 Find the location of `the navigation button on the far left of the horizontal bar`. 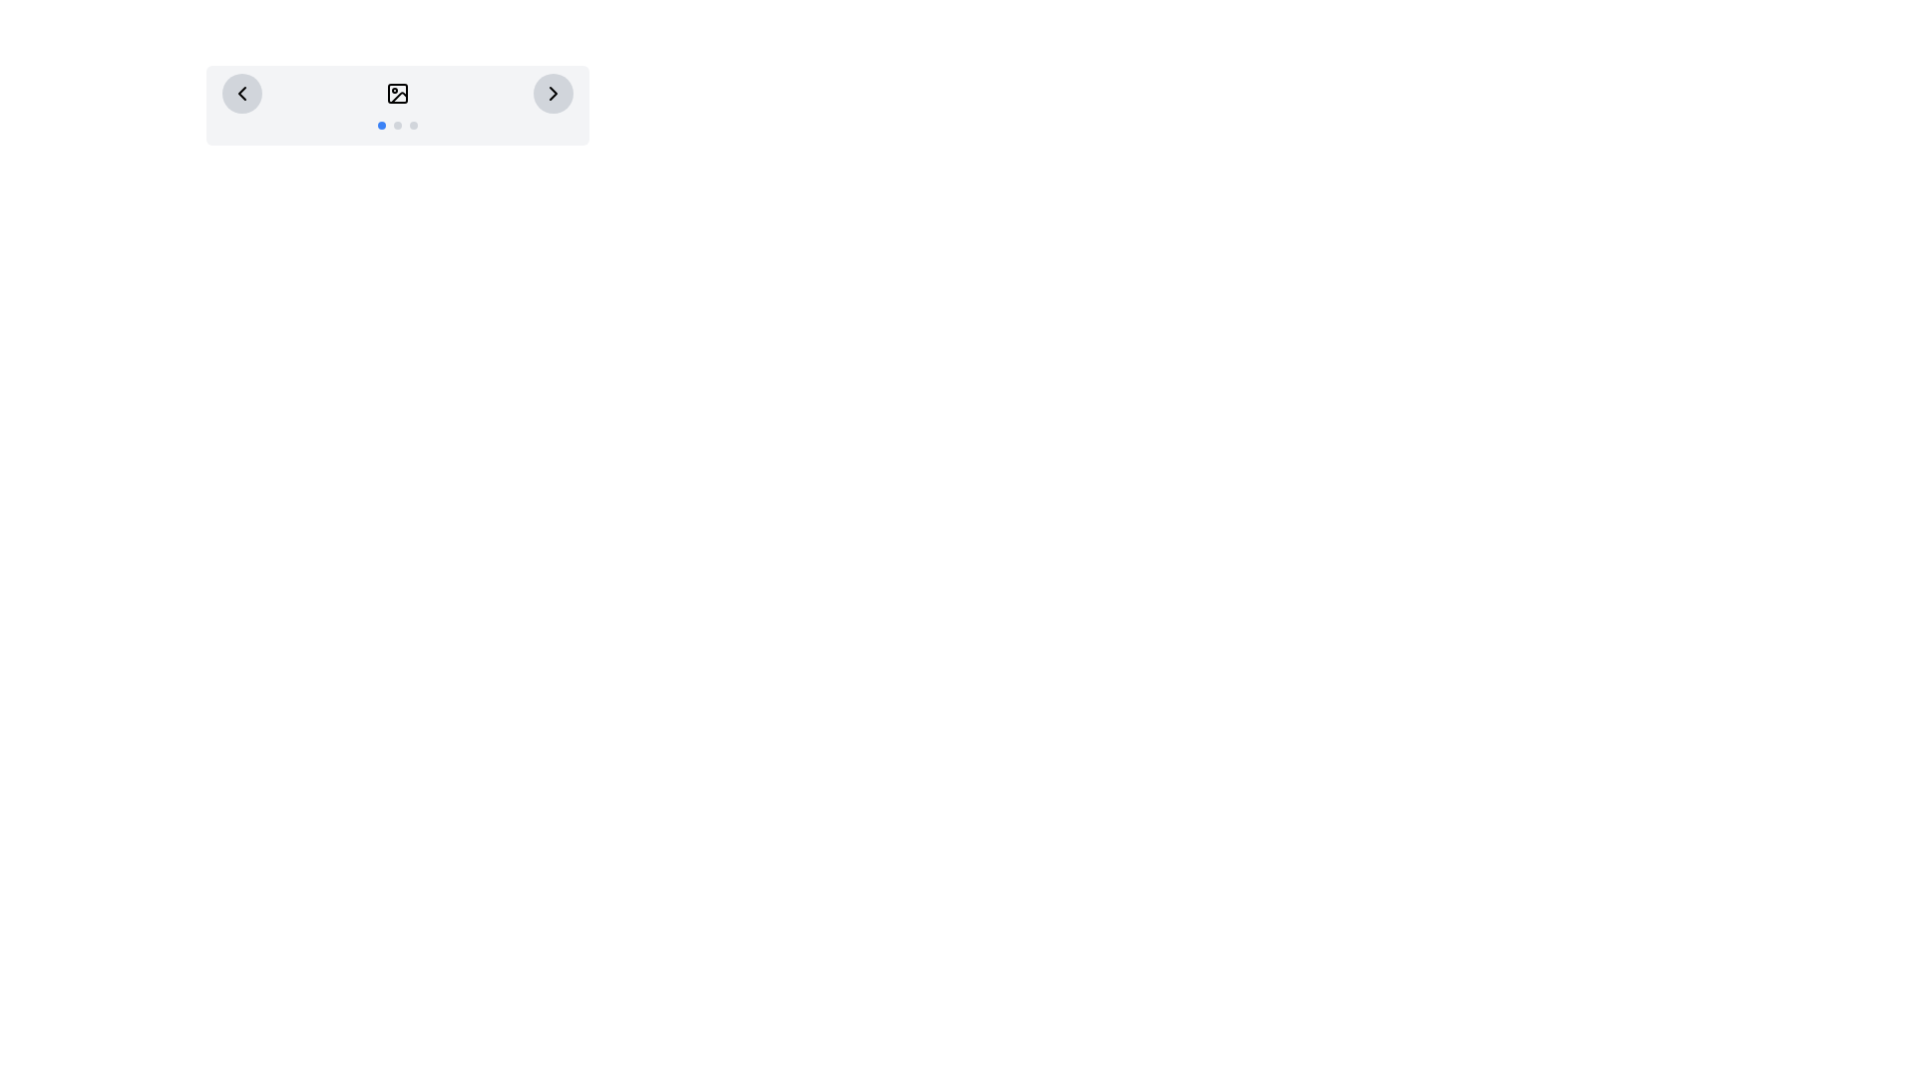

the navigation button on the far left of the horizontal bar is located at coordinates (240, 93).